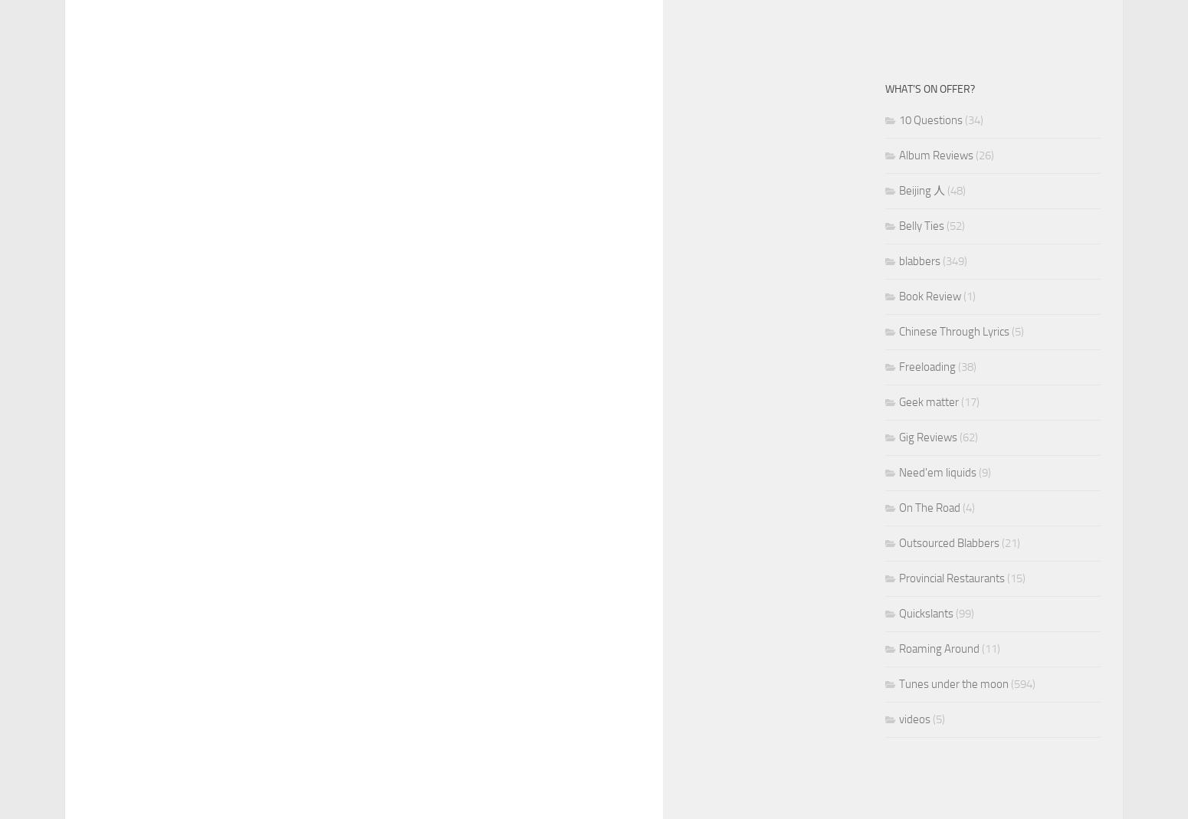  I want to click on '(34)', so click(972, 120).